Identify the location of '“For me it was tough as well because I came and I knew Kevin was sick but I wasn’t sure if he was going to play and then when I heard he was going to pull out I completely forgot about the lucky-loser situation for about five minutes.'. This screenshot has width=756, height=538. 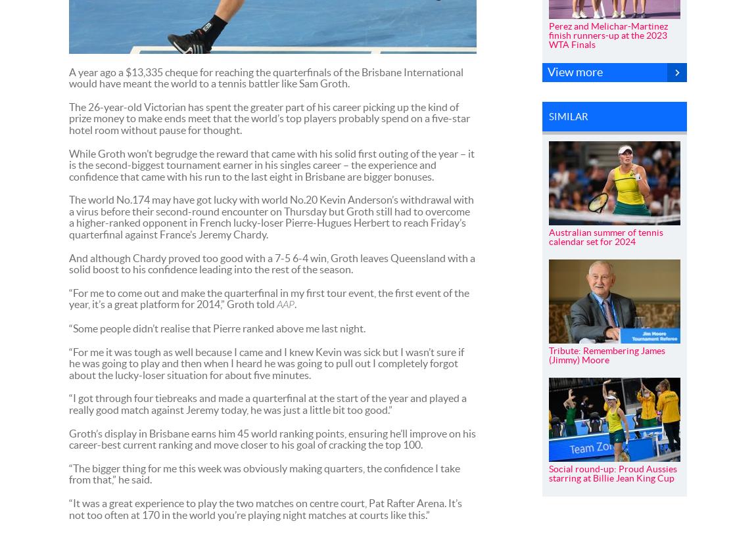
(266, 363).